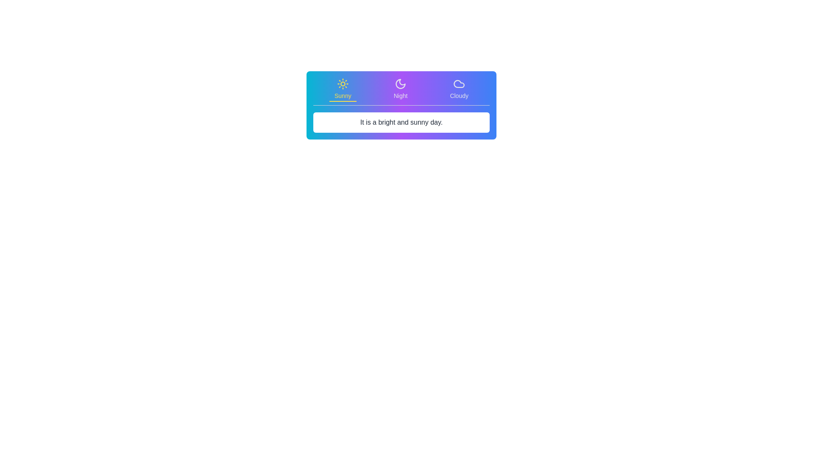  I want to click on the first weather icon representing 'Sunny' in the weather selection interface, positioned above the text 'Sunny', so click(343, 84).